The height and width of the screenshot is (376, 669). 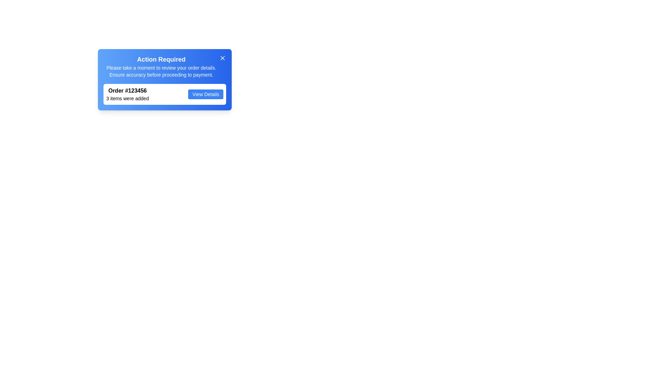 I want to click on static text message displayed in the dialog box that says: 'Please take a moment to review your order details. Ensure accuracy before proceeding to payment.' This text is located below the title 'Action Required', so click(x=161, y=71).